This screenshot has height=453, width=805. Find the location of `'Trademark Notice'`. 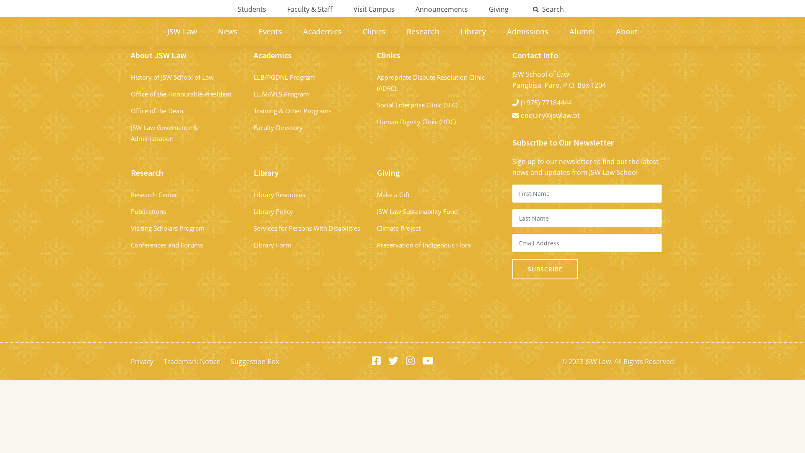

'Trademark Notice' is located at coordinates (191, 360).